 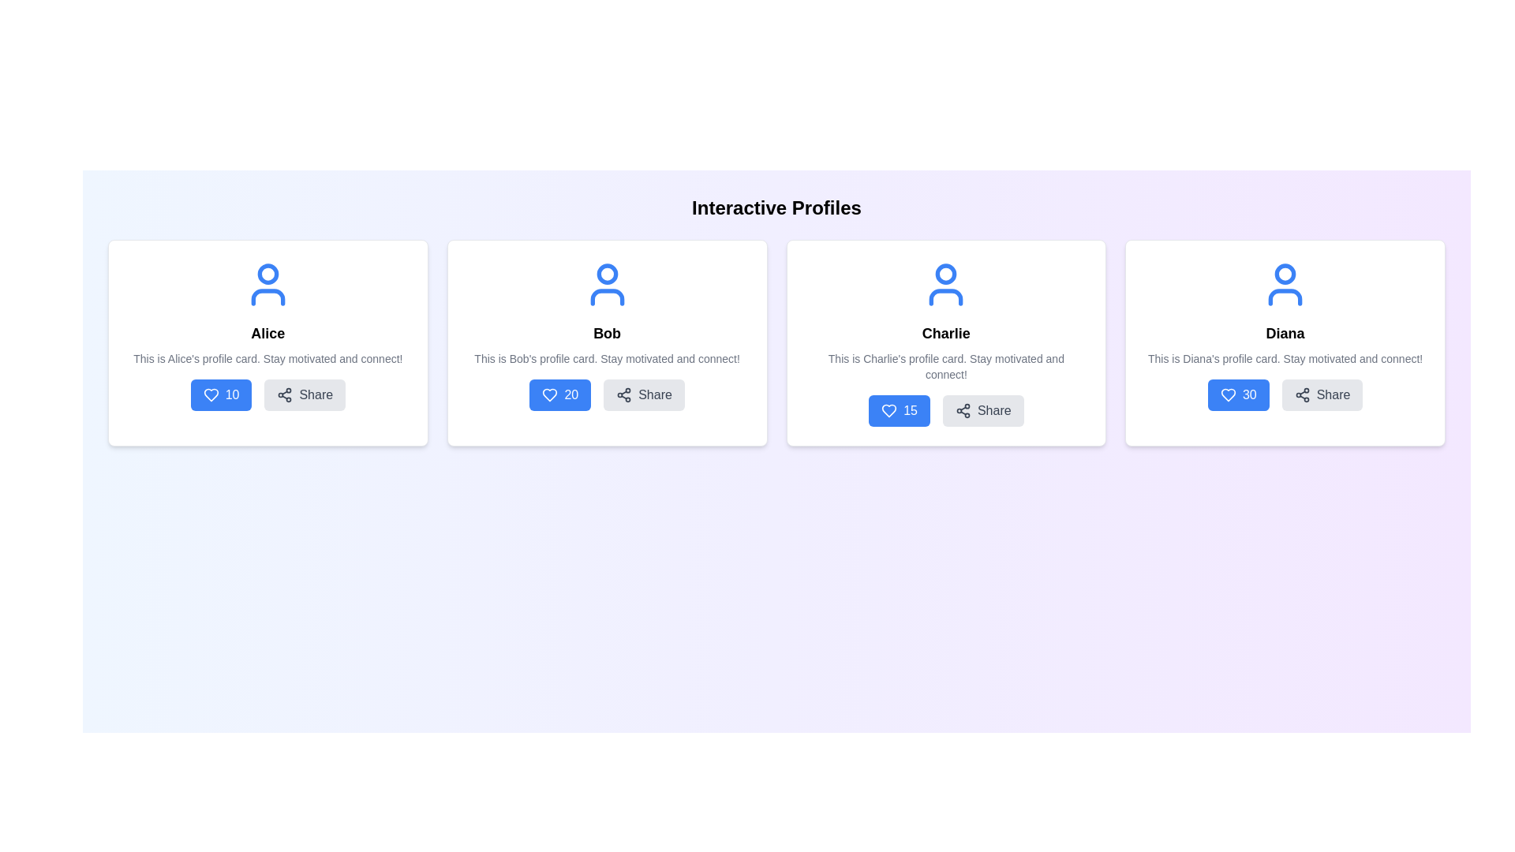 I want to click on the circular user icon representing 'Alice' in her profile card, which is styled in blue color and positioned above the name label 'Alice', so click(x=267, y=273).